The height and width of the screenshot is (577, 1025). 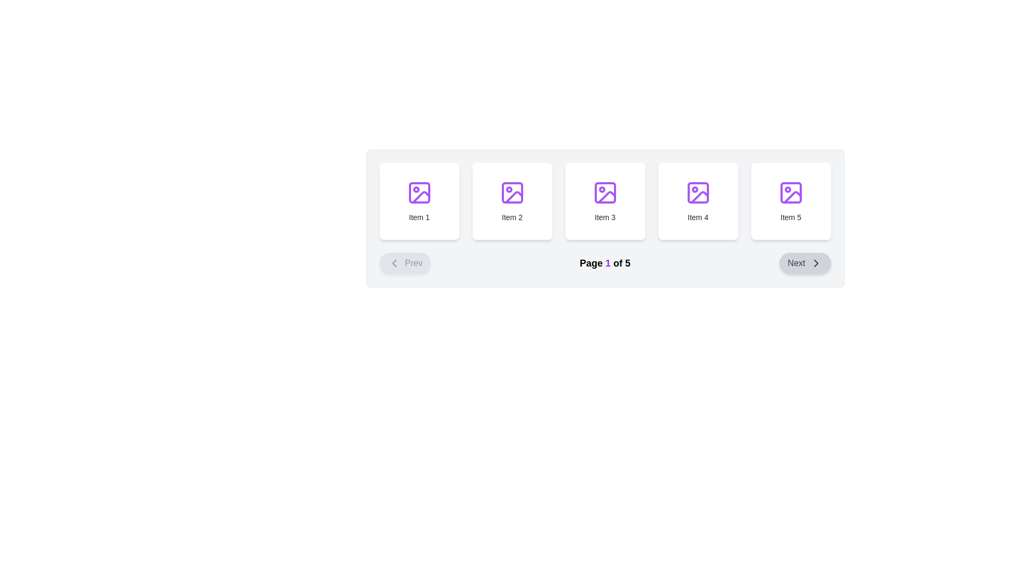 What do you see at coordinates (797, 263) in the screenshot?
I see `the 'Next' button by clicking on the associated text label located at the bottom-right corner of the interface, positioned to the left of the arrow icon` at bounding box center [797, 263].